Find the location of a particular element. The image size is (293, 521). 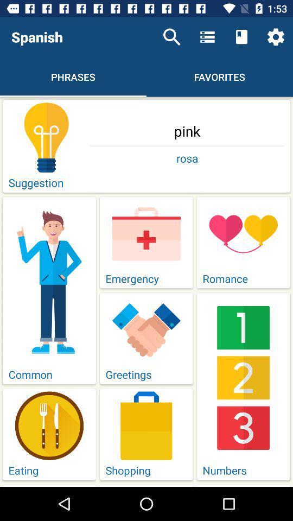

icon to the right of the spanish item is located at coordinates (171, 37).